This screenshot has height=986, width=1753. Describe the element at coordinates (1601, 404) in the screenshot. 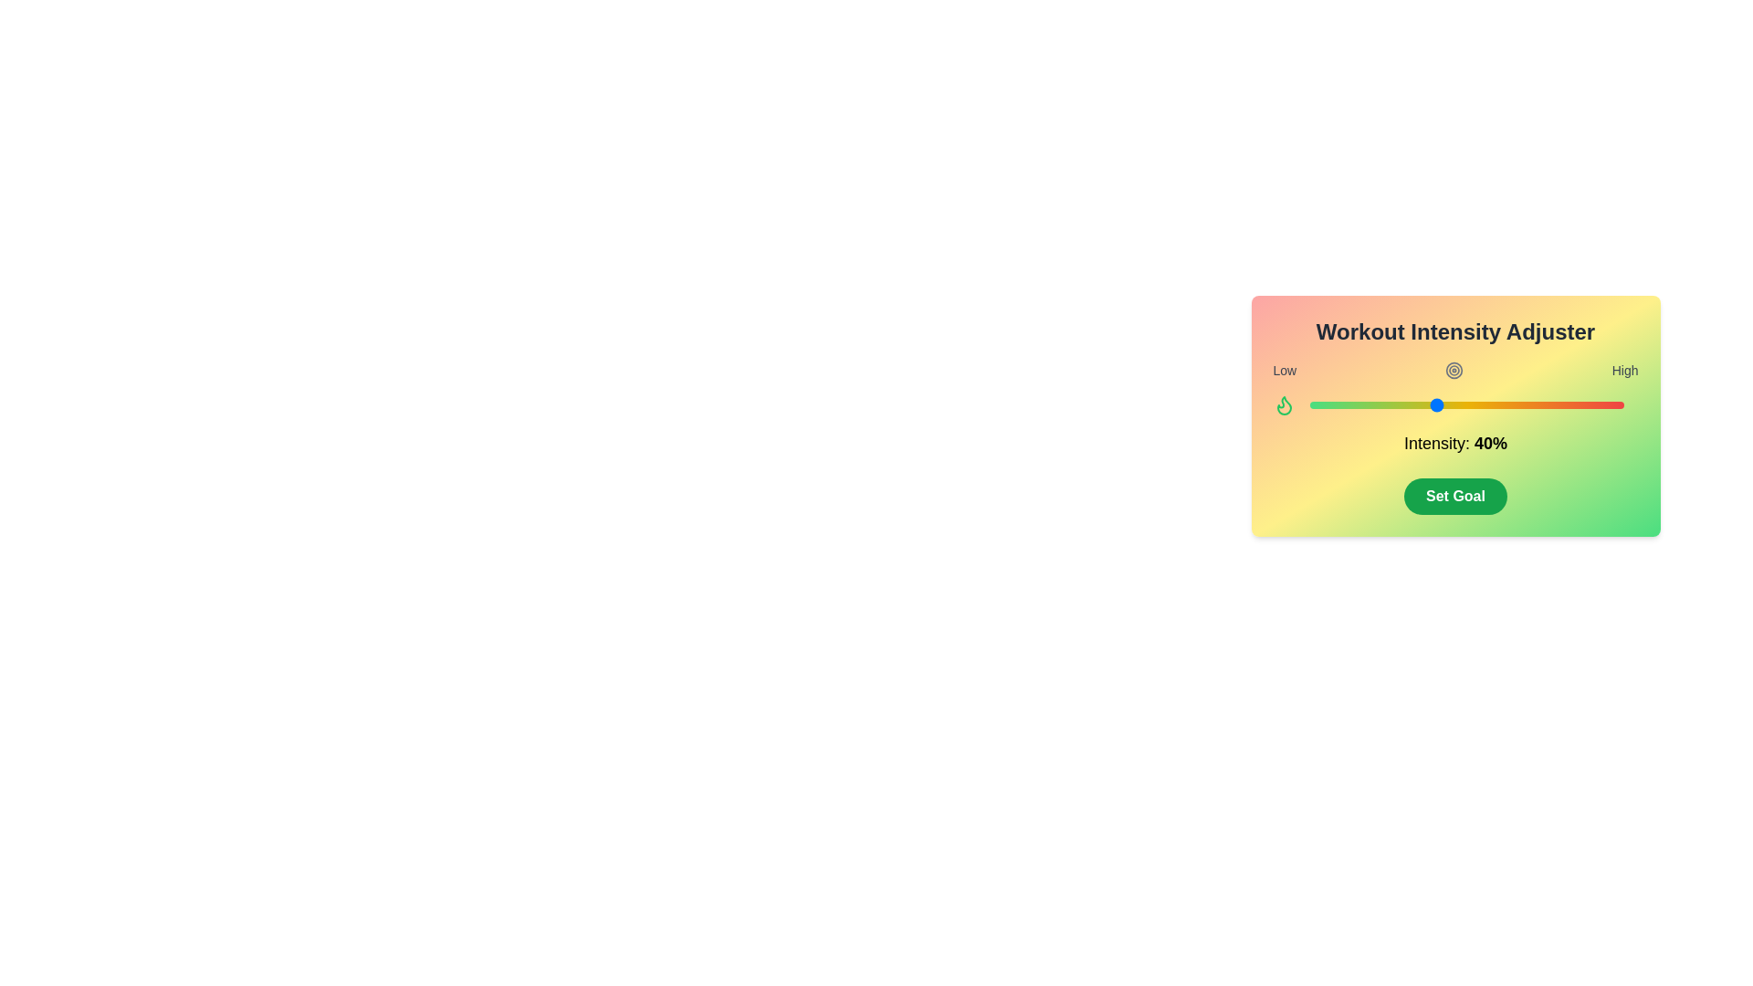

I see `the intensity slider to set the intensity to 93%` at that location.